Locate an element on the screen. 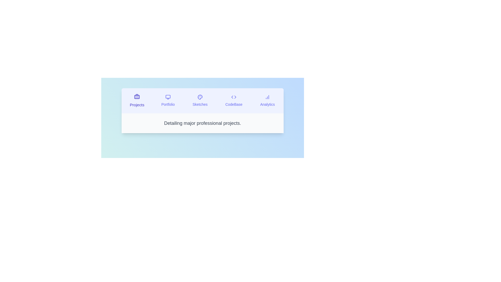  the tab labeled Projects to observe visual changes is located at coordinates (137, 101).